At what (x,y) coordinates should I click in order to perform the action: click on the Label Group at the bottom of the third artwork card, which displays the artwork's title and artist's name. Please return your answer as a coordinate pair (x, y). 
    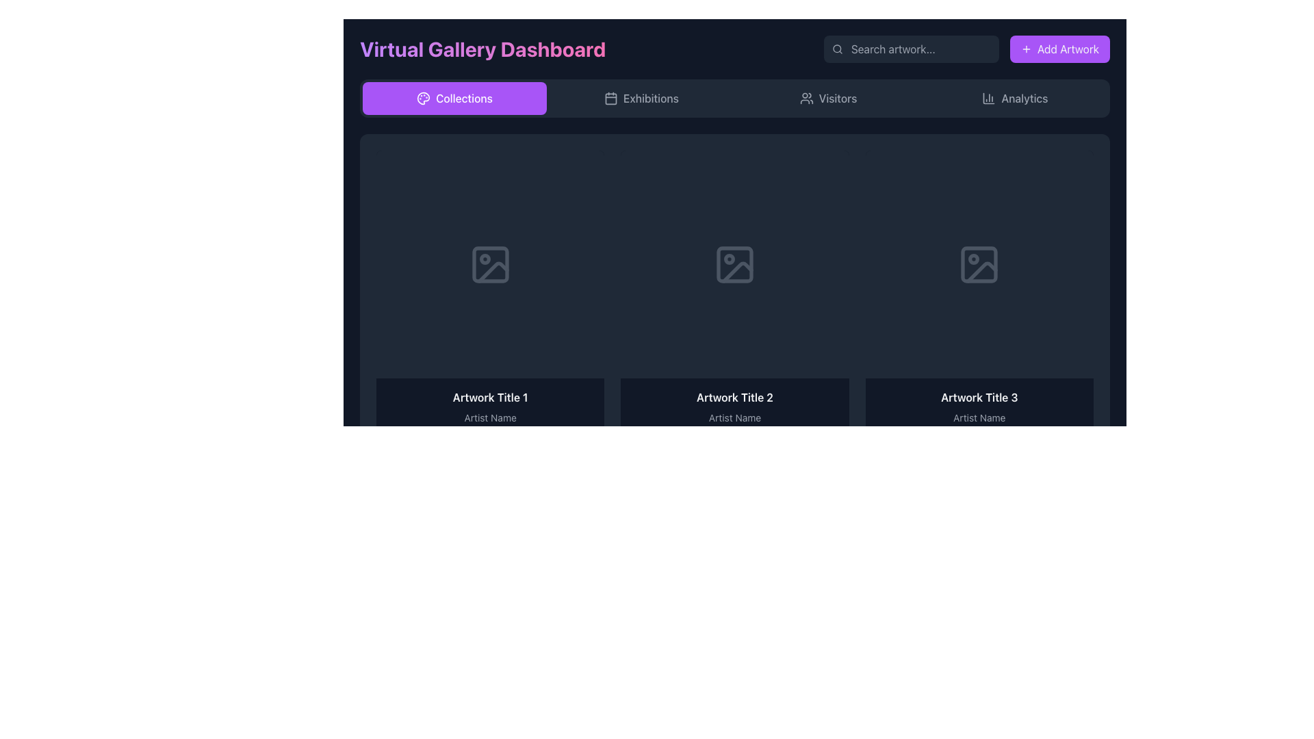
    Looking at the image, I should click on (979, 416).